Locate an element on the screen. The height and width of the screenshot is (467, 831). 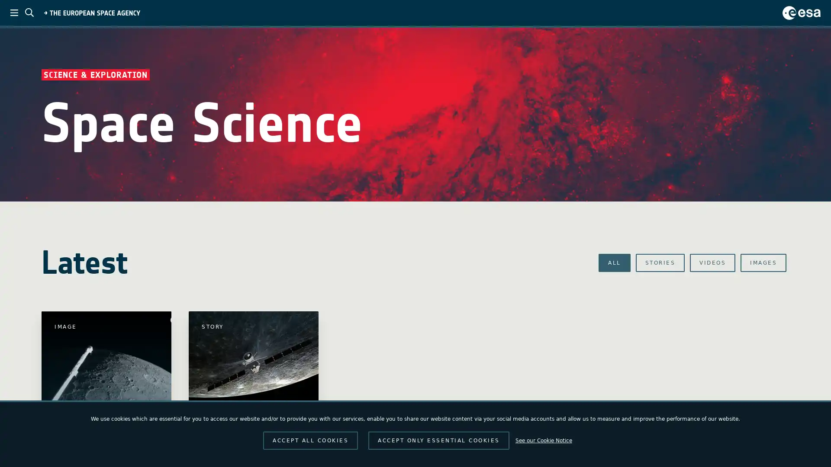
ALL is located at coordinates (614, 262).